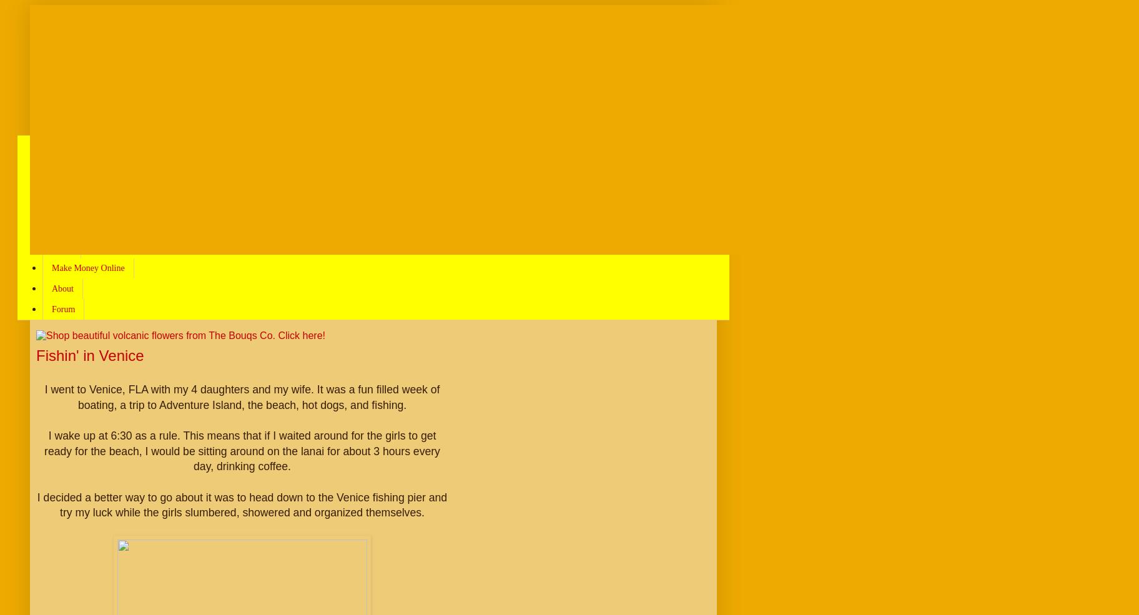  I want to click on 'Greatest Hits', so click(74, 185).